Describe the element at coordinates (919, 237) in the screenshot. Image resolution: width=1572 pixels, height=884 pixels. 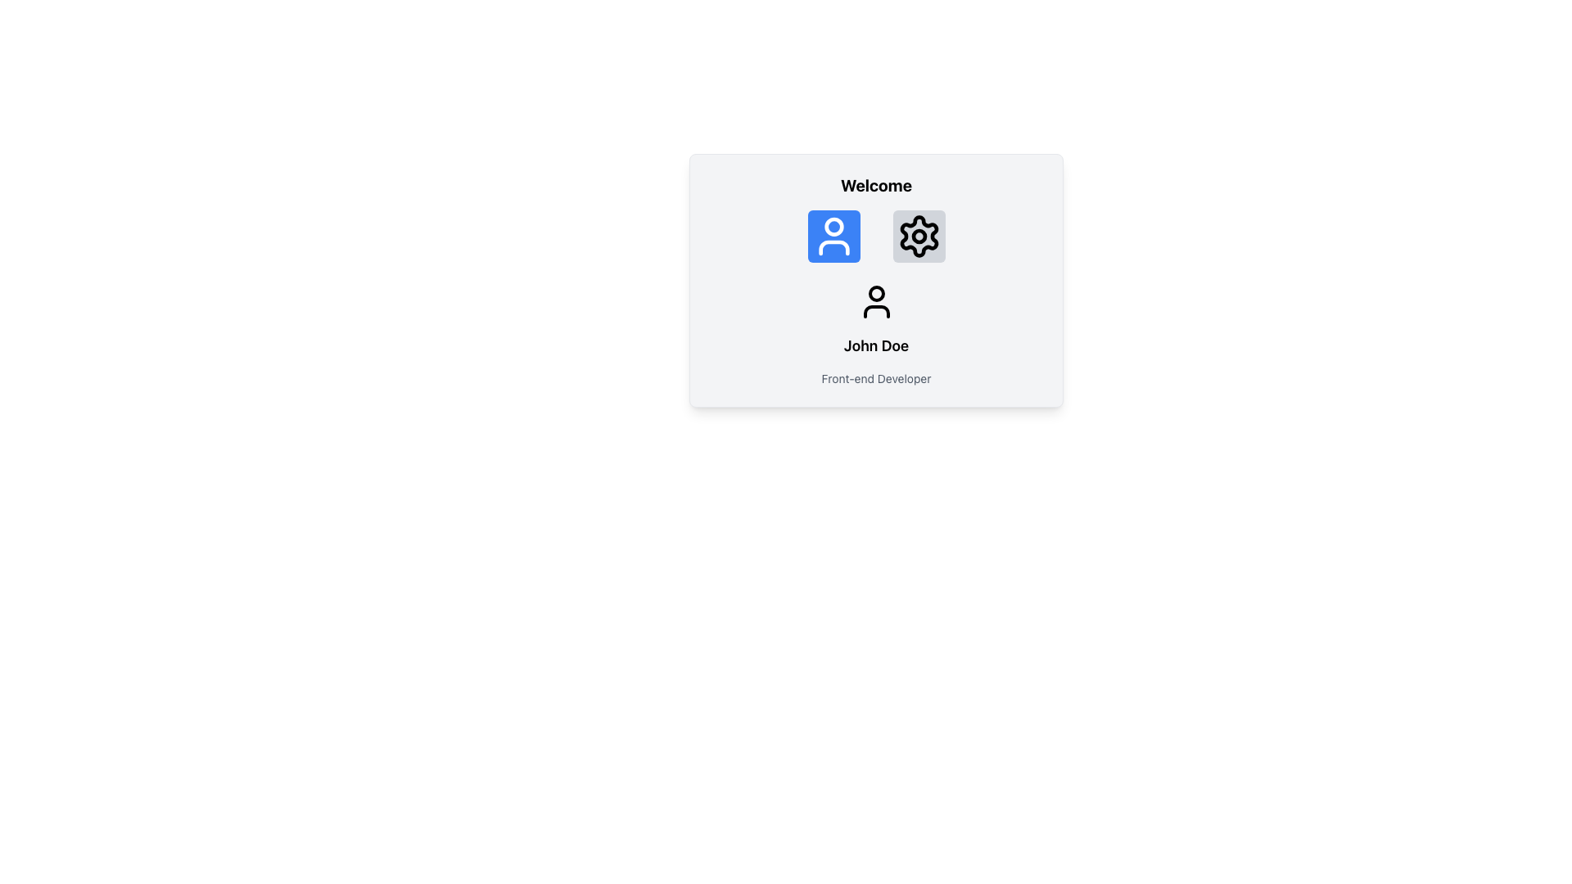
I see `the inner circle of the gear-like graphic located on the right side of the row of two icons, positioned above the text 'John Doe' and 'Front-end Developer'` at that location.